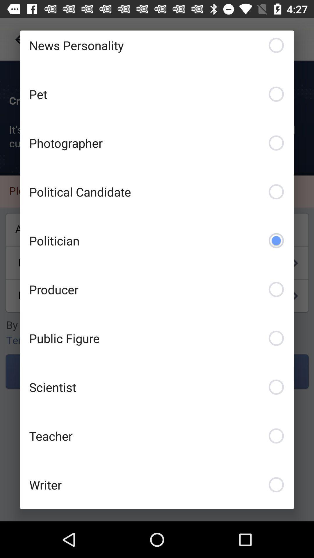 This screenshot has width=314, height=558. I want to click on item below the public figure, so click(157, 387).